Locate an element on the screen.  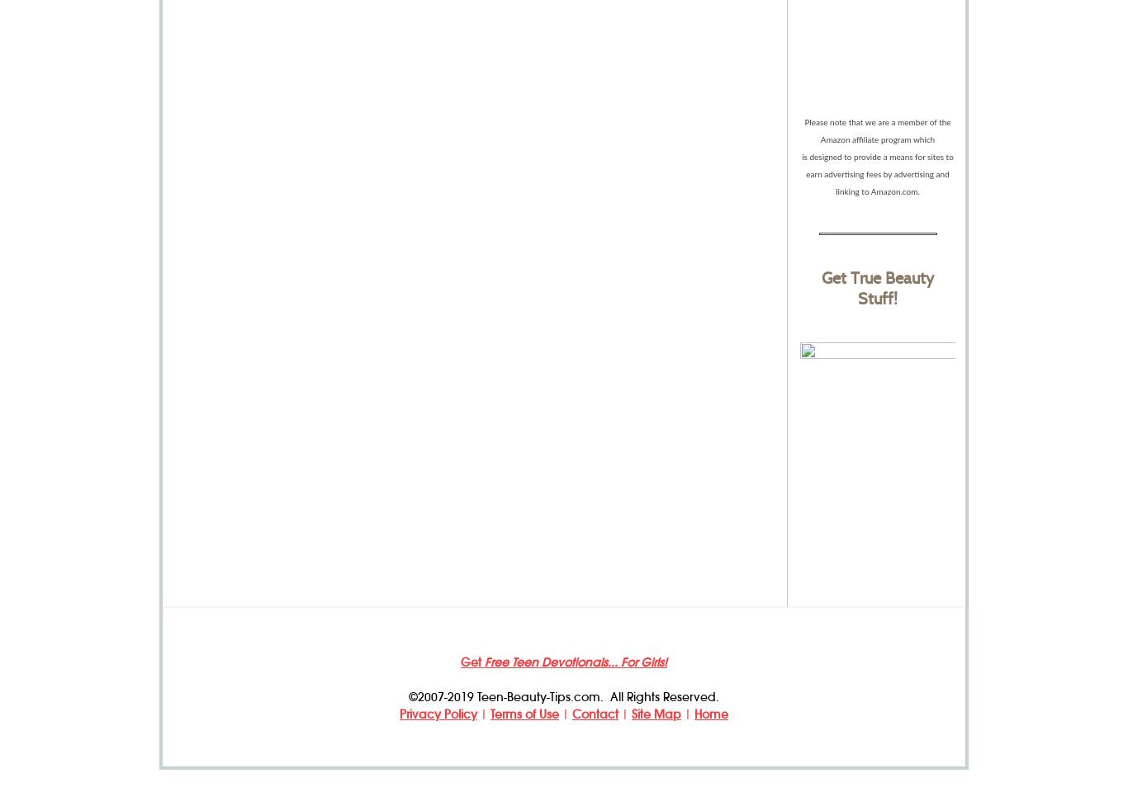
'Home' is located at coordinates (710, 714).